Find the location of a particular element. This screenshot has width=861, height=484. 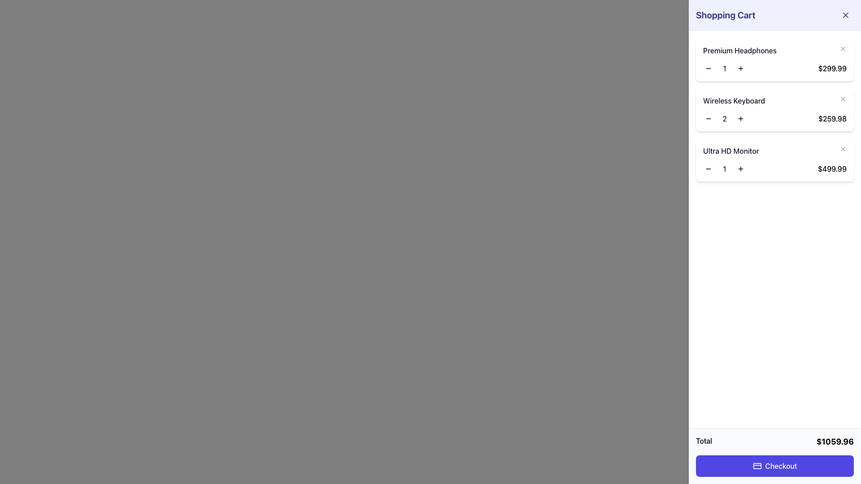

the text display showing the number '1' which is centered between the '-' and '+' buttons in the counter interface is located at coordinates (725, 68).